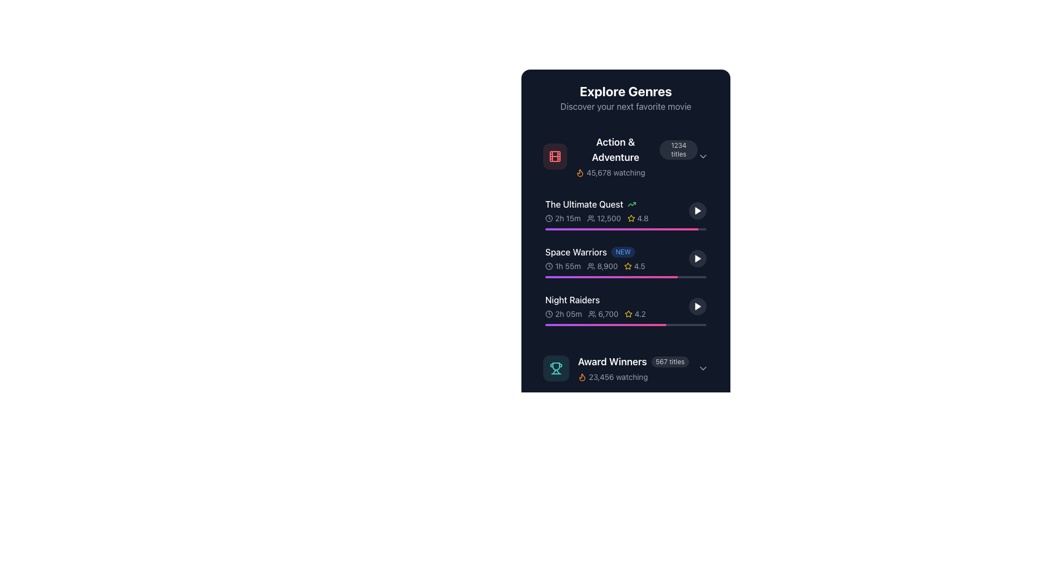 This screenshot has height=587, width=1045. I want to click on the progress bar element located beneath the label 'The Ultimate Quest' to interact with it, so click(626, 228).